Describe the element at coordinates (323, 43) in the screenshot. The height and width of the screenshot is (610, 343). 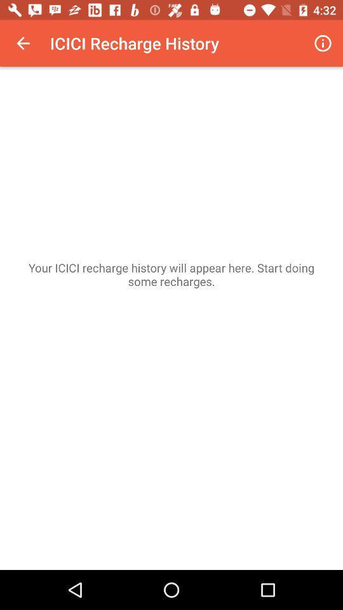
I see `the item at the top right corner` at that location.